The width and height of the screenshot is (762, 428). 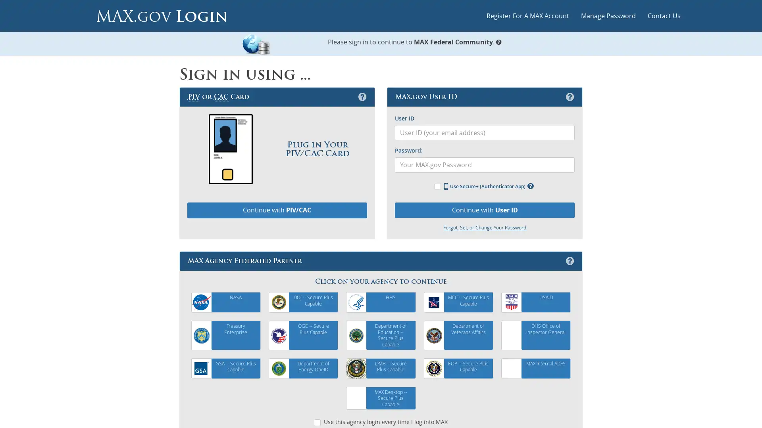 I want to click on MAX Agency Federated Partner, so click(x=570, y=261).